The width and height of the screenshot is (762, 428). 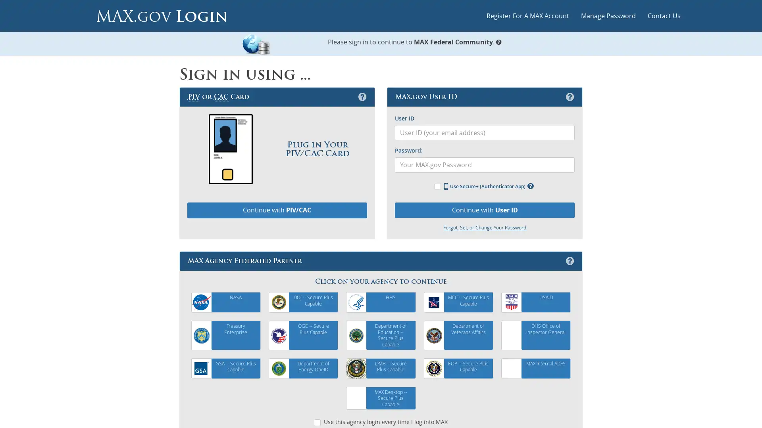 I want to click on MAX Agency Federated Partner, so click(x=570, y=261).